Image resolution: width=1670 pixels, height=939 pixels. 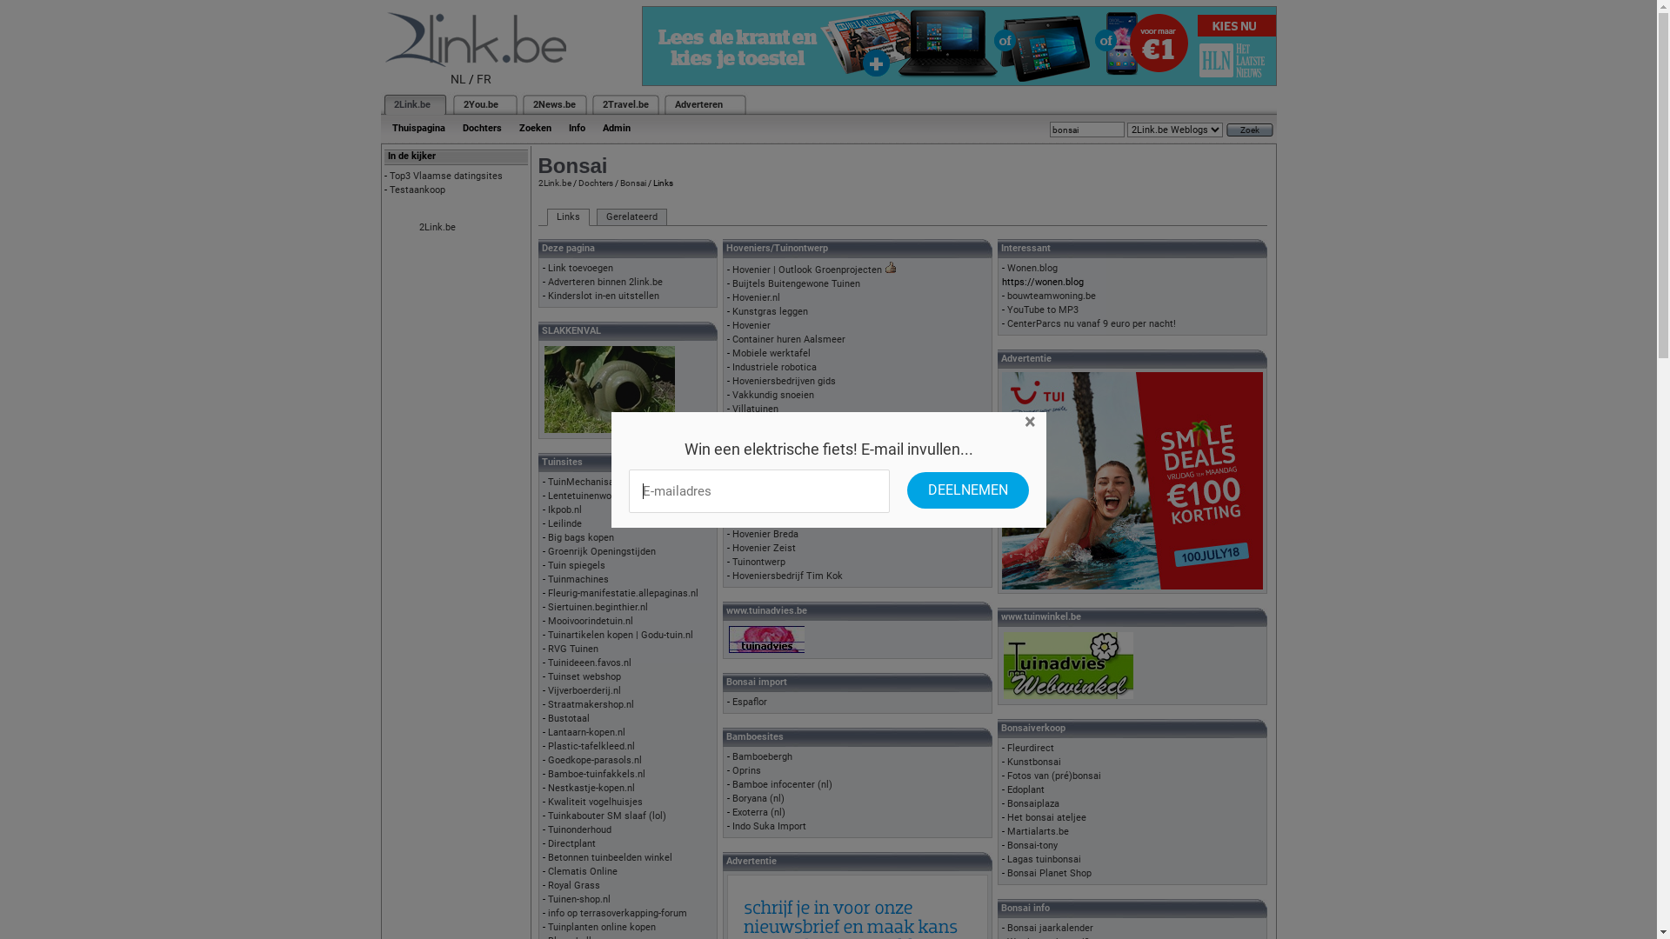 What do you see at coordinates (590, 620) in the screenshot?
I see `'Mooivoorindetuin.nl'` at bounding box center [590, 620].